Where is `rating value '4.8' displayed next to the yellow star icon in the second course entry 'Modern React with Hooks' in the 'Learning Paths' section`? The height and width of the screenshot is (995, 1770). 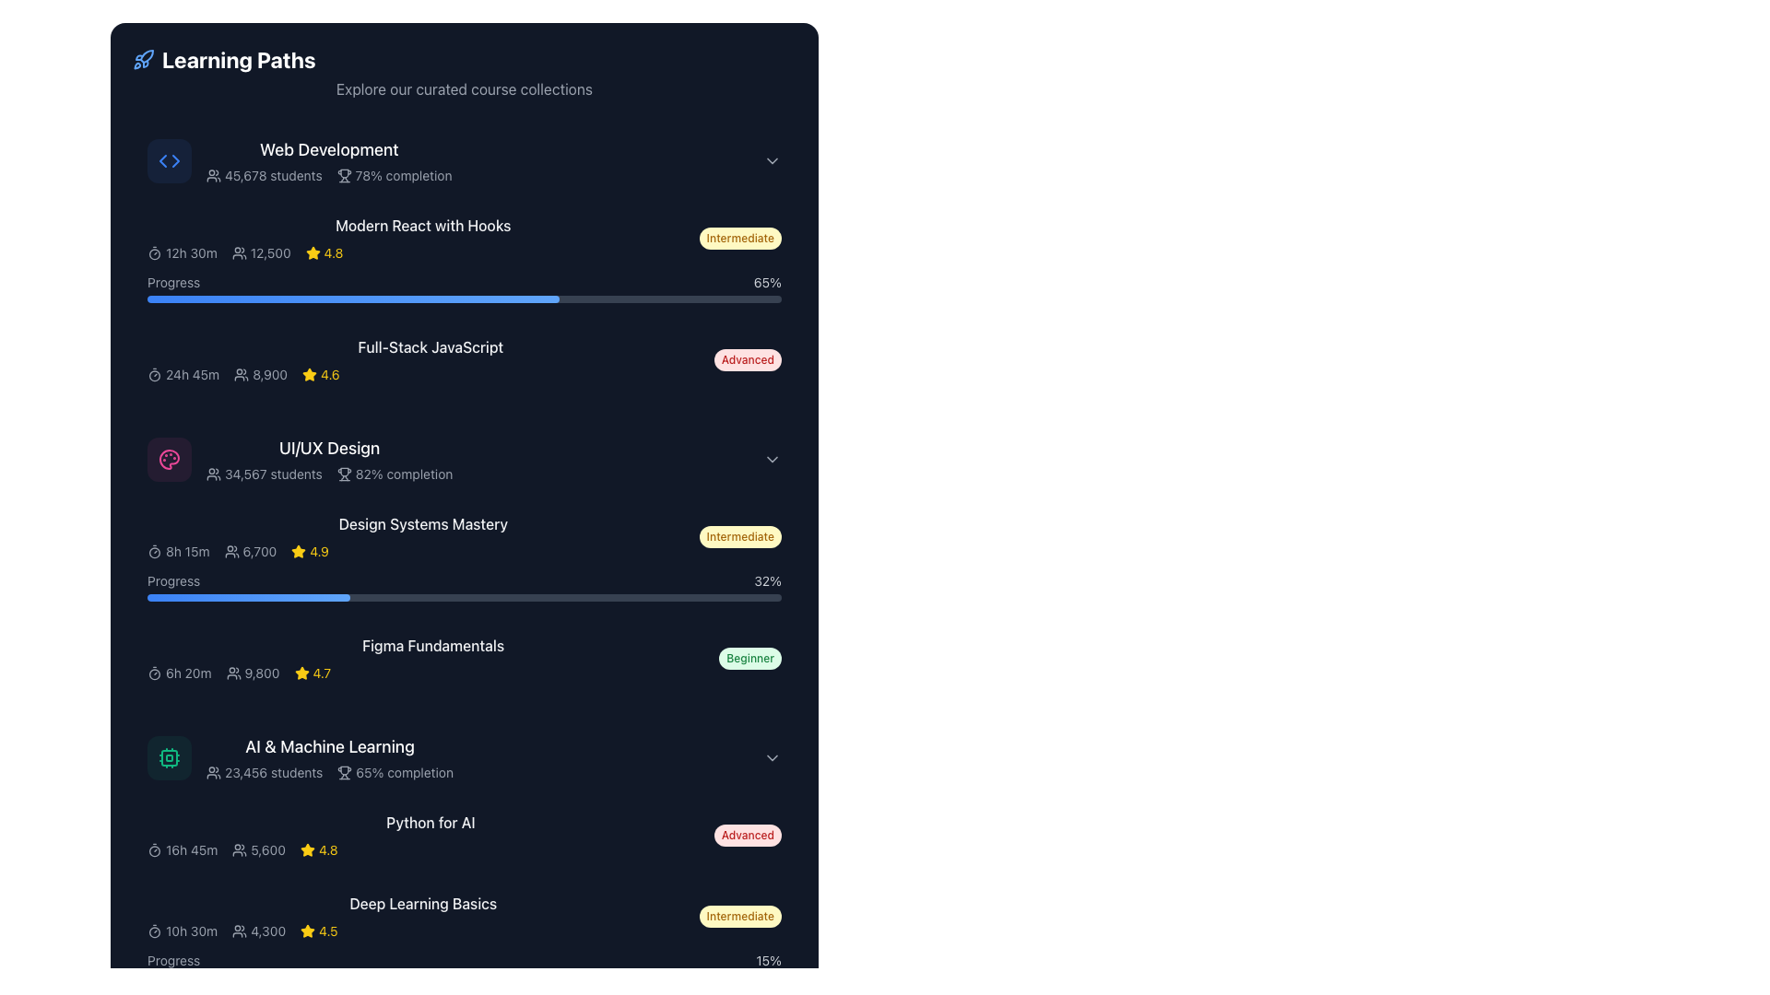
rating value '4.8' displayed next to the yellow star icon in the second course entry 'Modern React with Hooks' in the 'Learning Paths' section is located at coordinates (324, 252).